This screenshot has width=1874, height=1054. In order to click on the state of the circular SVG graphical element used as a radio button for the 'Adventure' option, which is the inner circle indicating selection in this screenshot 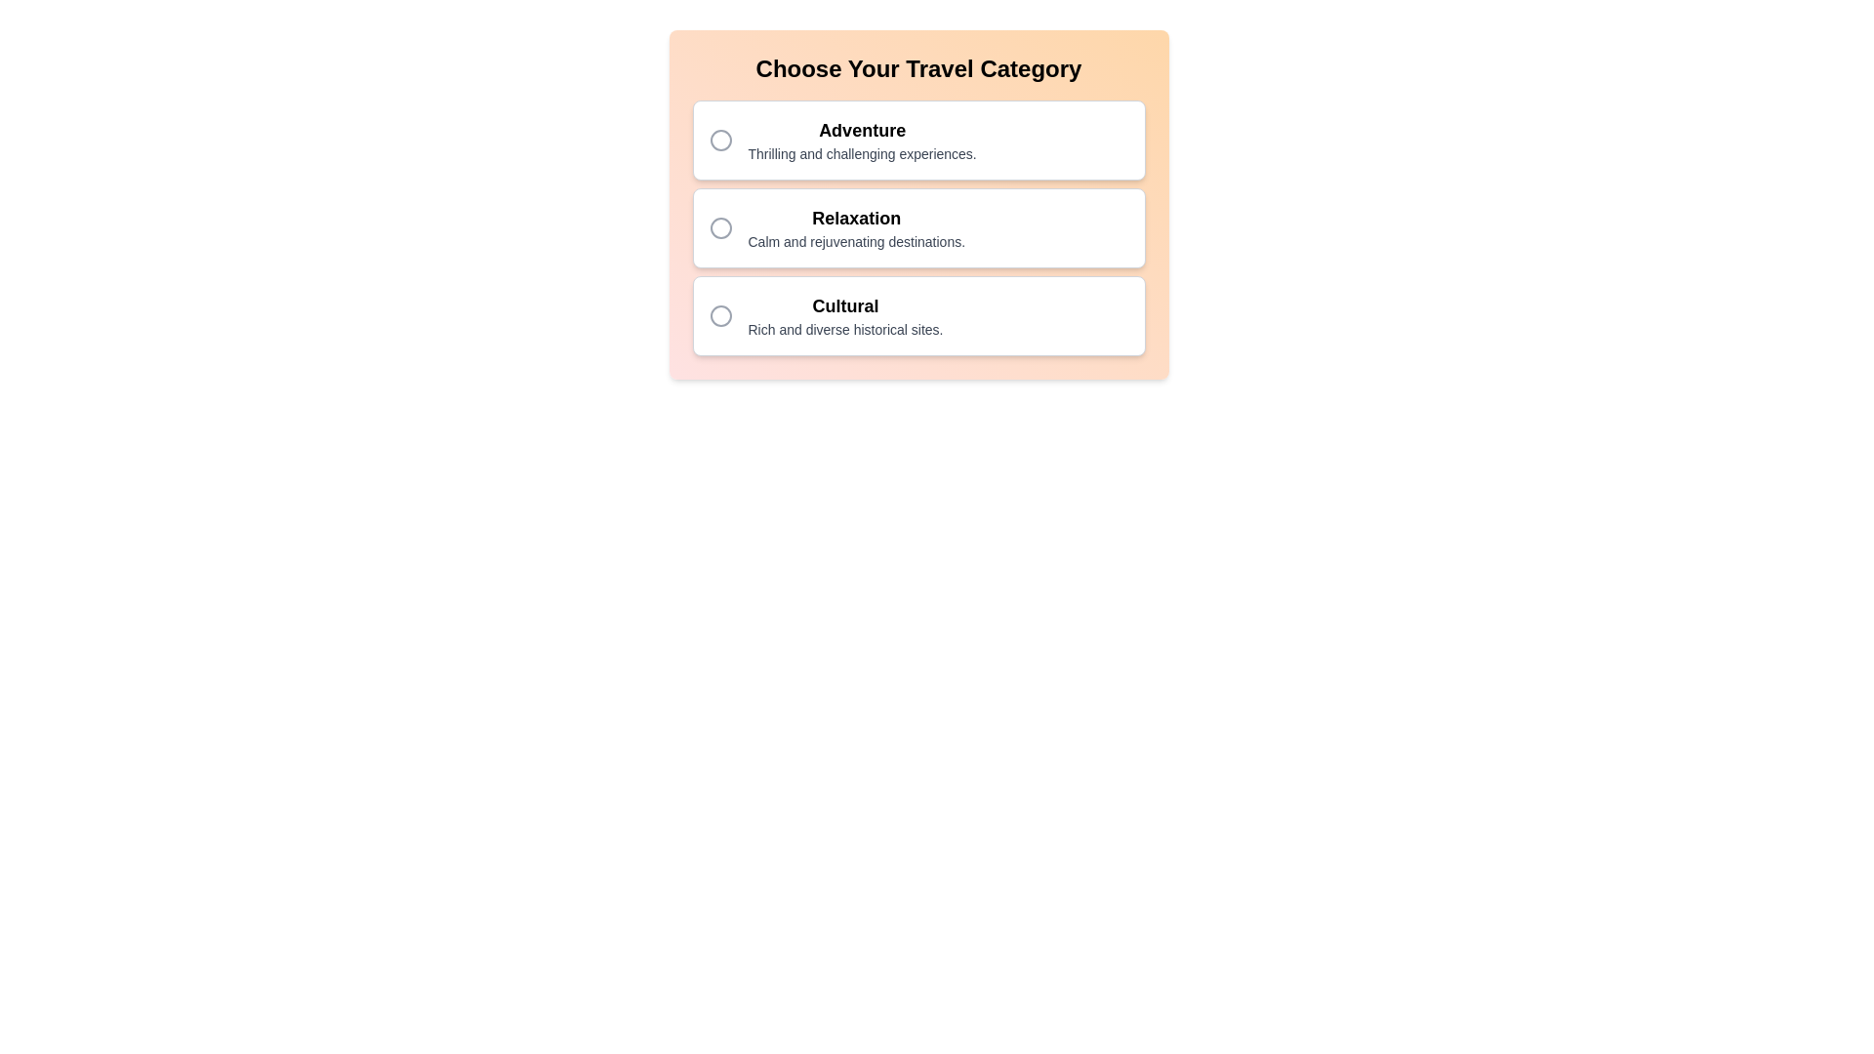, I will do `click(719, 139)`.